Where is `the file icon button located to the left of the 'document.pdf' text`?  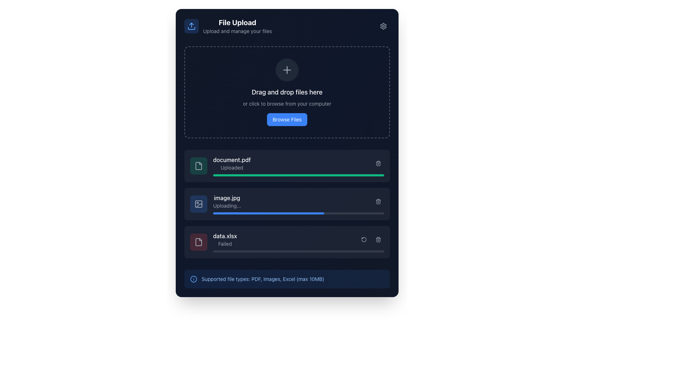 the file icon button located to the left of the 'document.pdf' text is located at coordinates (198, 166).